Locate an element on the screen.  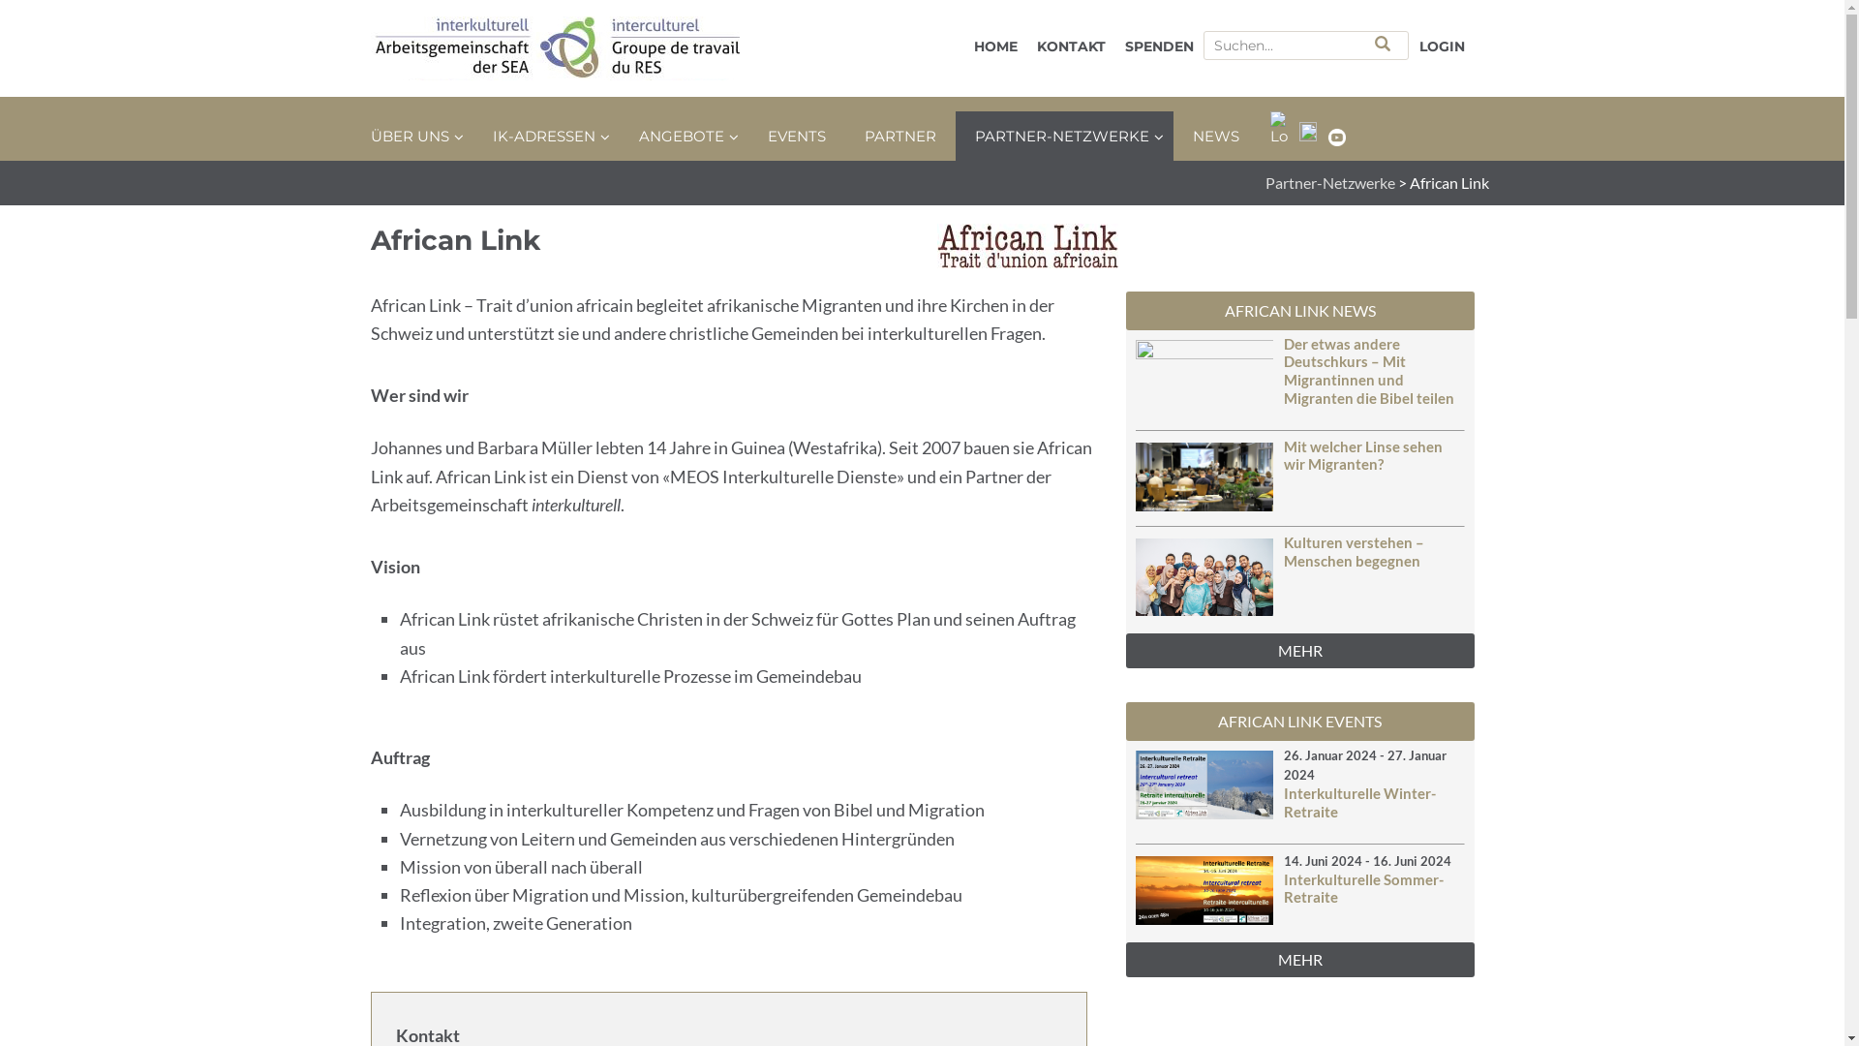
'NEWS' is located at coordinates (1215, 135).